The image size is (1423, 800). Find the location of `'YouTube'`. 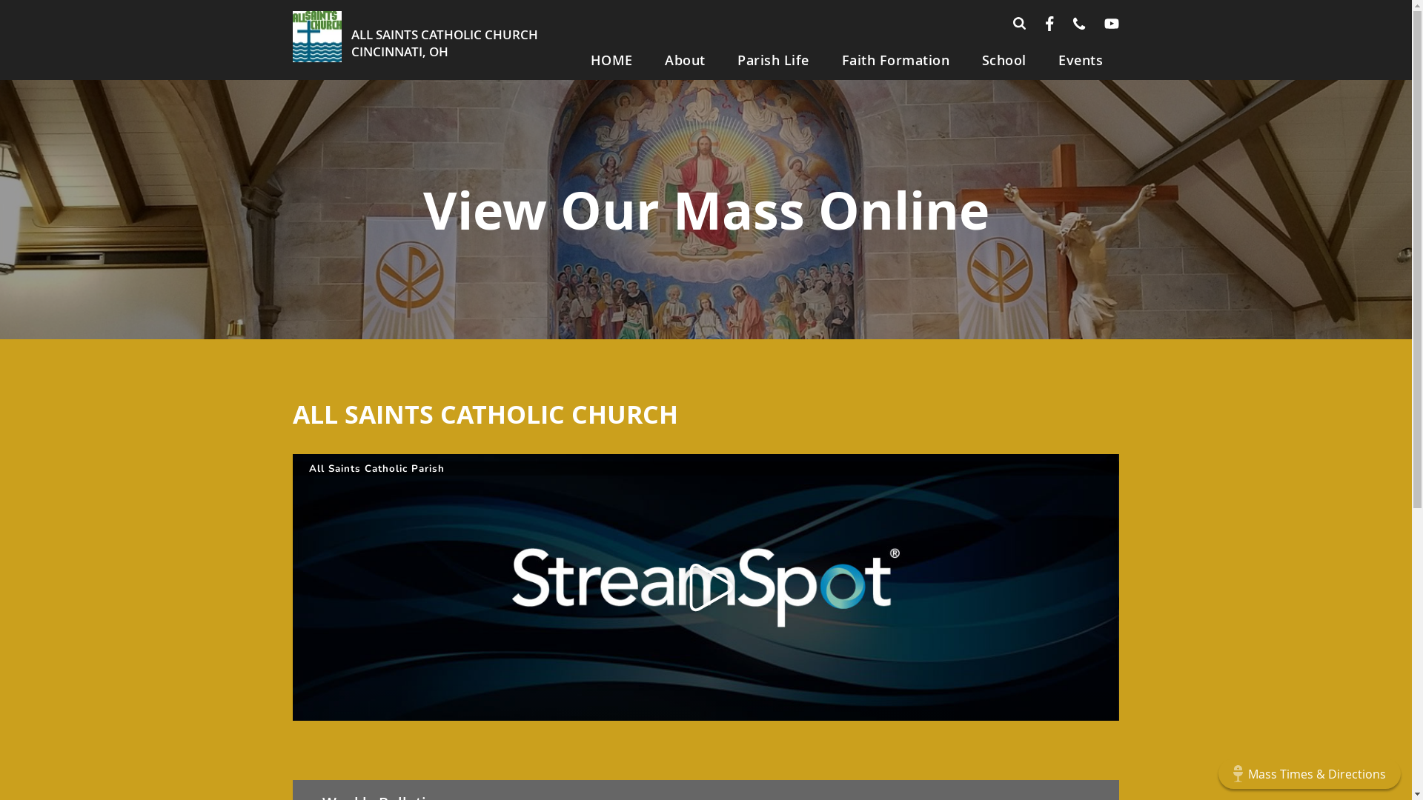

'YouTube' is located at coordinates (1111, 23).